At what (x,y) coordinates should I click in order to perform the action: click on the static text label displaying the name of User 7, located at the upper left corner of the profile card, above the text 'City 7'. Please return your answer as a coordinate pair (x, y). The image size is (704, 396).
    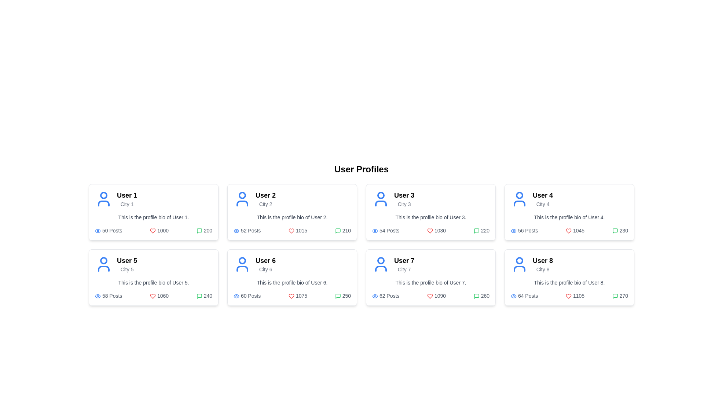
    Looking at the image, I should click on (404, 260).